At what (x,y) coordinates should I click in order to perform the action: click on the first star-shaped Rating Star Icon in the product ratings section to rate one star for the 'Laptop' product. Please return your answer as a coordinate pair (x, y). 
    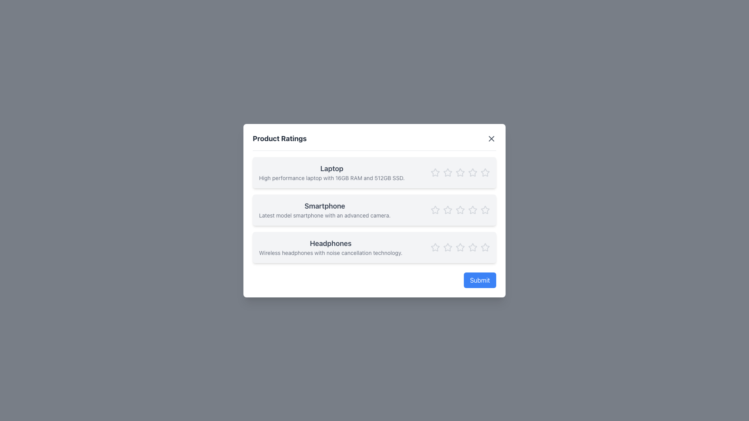
    Looking at the image, I should click on (435, 172).